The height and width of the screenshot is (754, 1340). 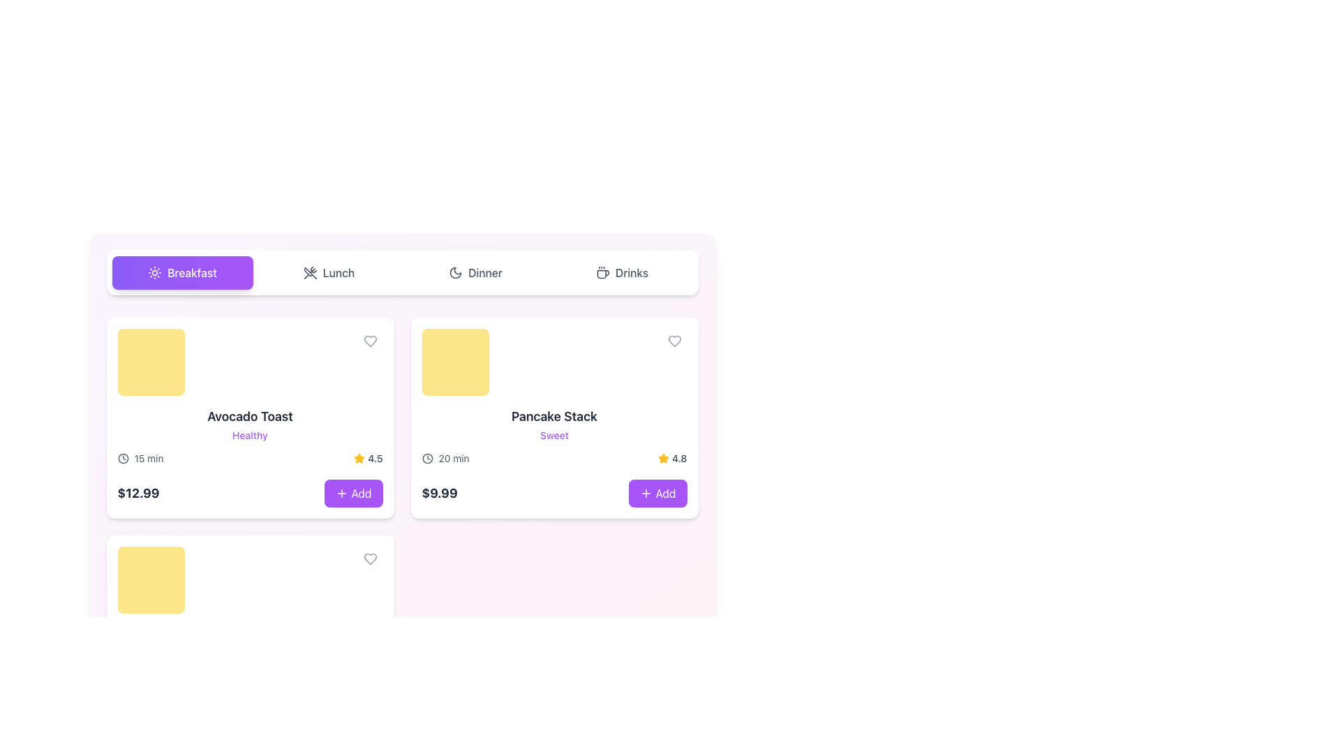 I want to click on the heart-shaped icon in the upper-right corner of the 'Avocado Toast' item card, so click(x=370, y=341).